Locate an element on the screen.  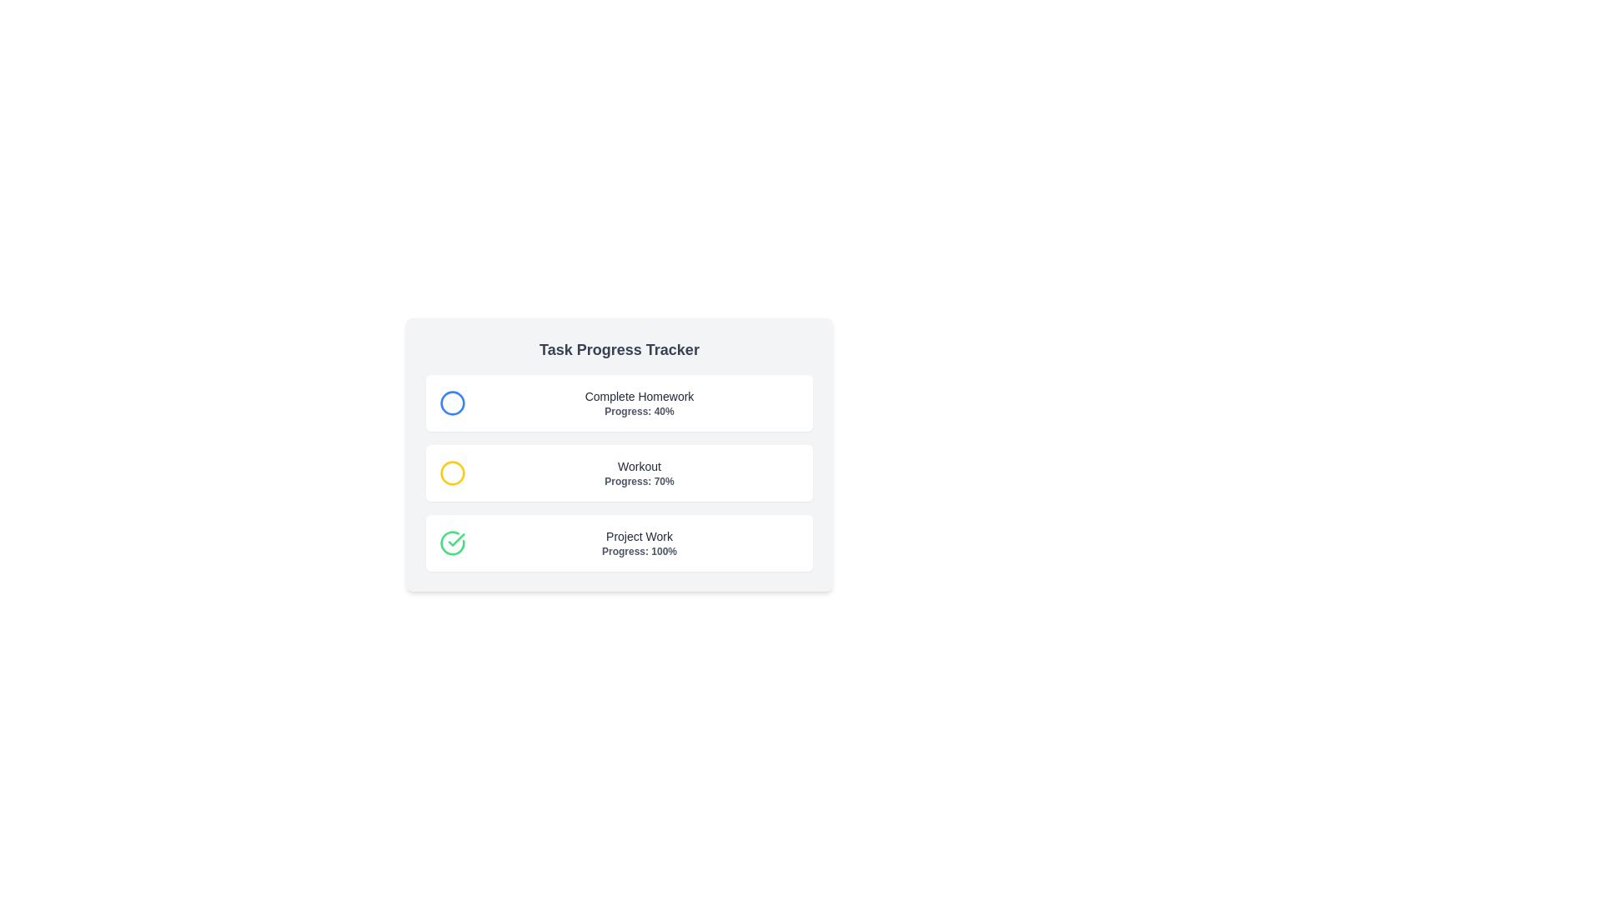
the text label displaying 'Progress: 100%' which is styled in gray and bold font, located below the 'Project Work' label in the last task card is located at coordinates (639, 552).